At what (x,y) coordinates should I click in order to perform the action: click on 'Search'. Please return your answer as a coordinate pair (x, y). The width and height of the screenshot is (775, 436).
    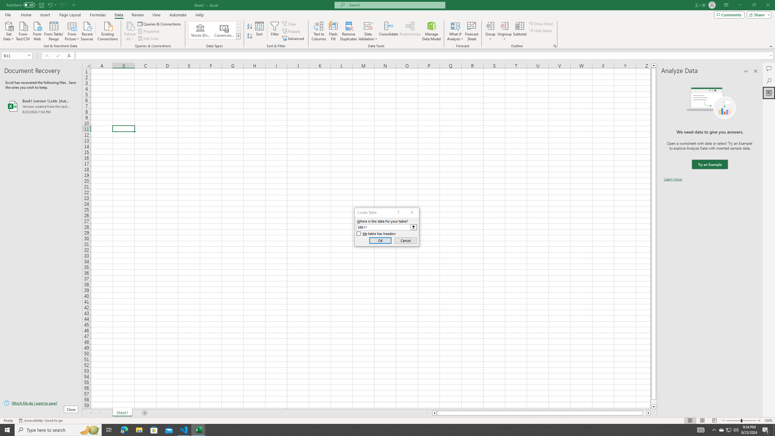
    Looking at the image, I should click on (769, 81).